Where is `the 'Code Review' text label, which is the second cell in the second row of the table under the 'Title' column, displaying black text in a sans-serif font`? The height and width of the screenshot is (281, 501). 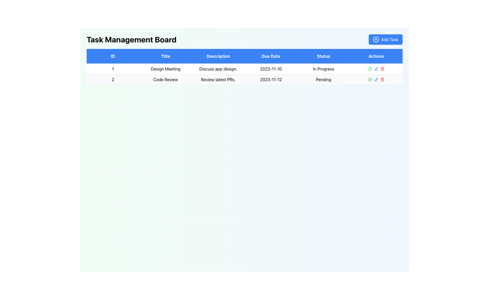
the 'Code Review' text label, which is the second cell in the second row of the table under the 'Title' column, displaying black text in a sans-serif font is located at coordinates (165, 79).